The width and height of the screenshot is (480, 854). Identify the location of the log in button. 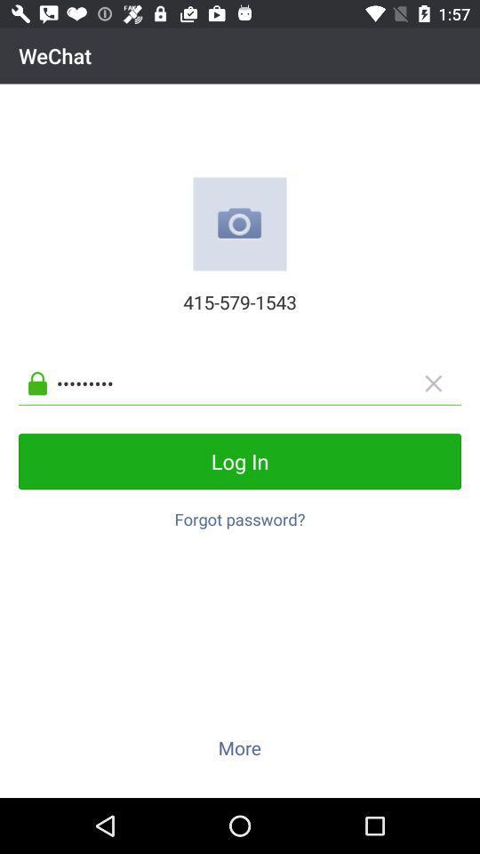
(240, 460).